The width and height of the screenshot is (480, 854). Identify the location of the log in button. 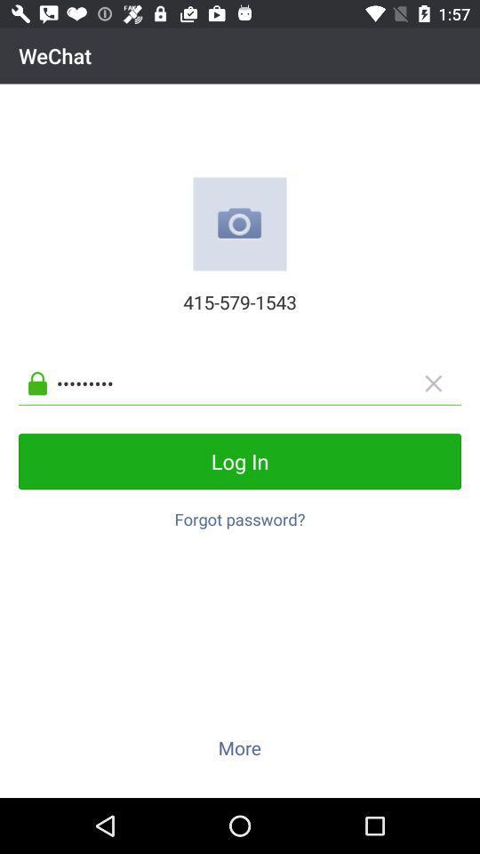
(240, 460).